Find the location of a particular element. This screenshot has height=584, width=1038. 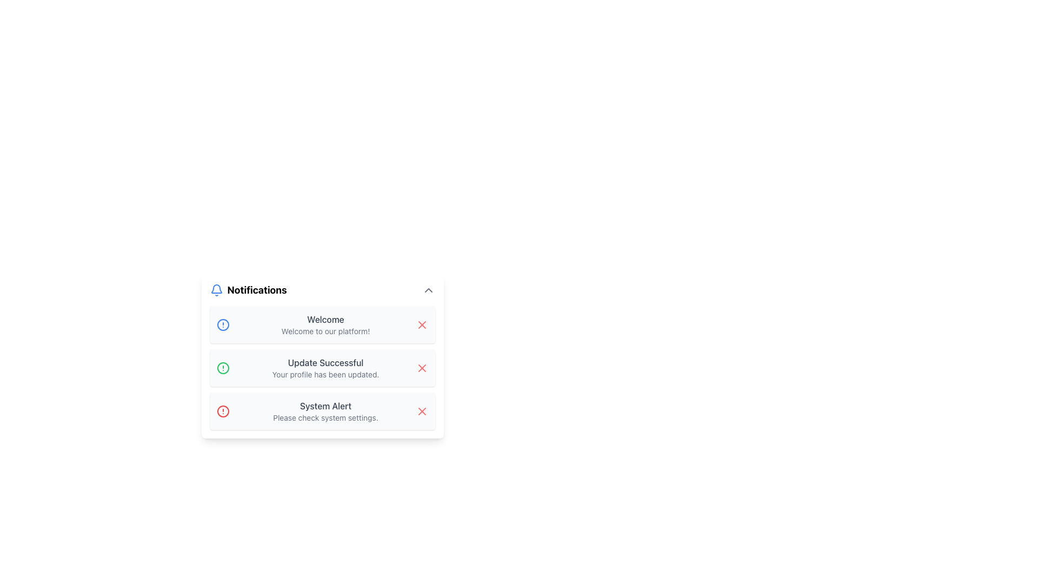

the dismiss button (icon-based) located at the bottom of the 'System Alert' notification list is located at coordinates (421, 411).